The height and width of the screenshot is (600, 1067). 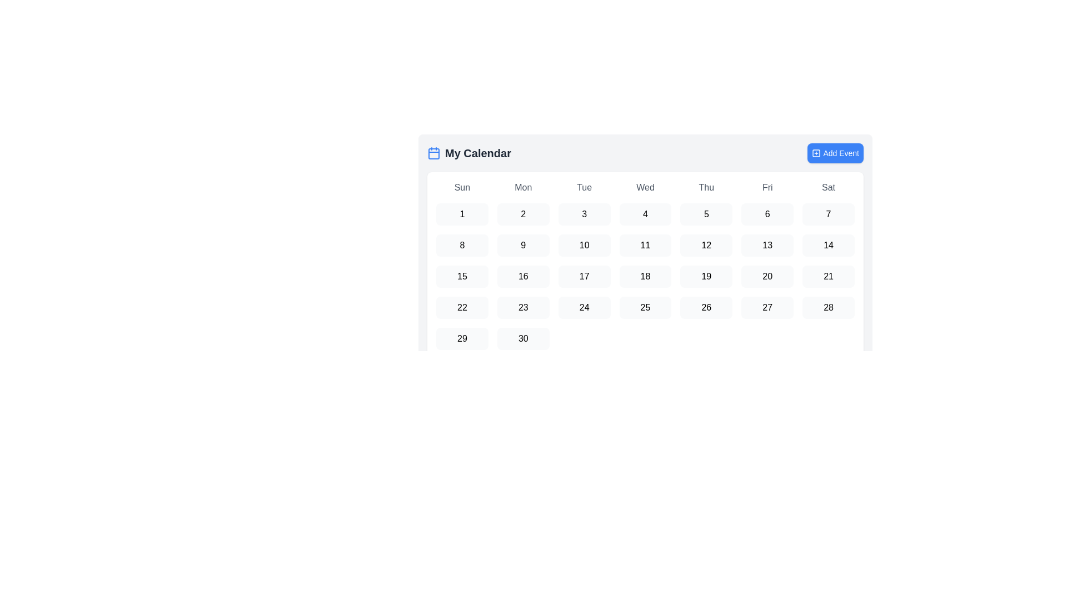 What do you see at coordinates (767, 276) in the screenshot?
I see `the calendar date cell representing the 20th day located in the last column (Friday) of the fourth row` at bounding box center [767, 276].